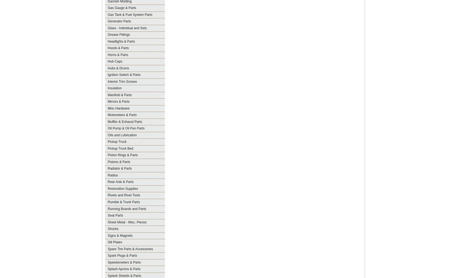 The height and width of the screenshot is (278, 467). What do you see at coordinates (120, 235) in the screenshot?
I see `'Signs & Magnets'` at bounding box center [120, 235].